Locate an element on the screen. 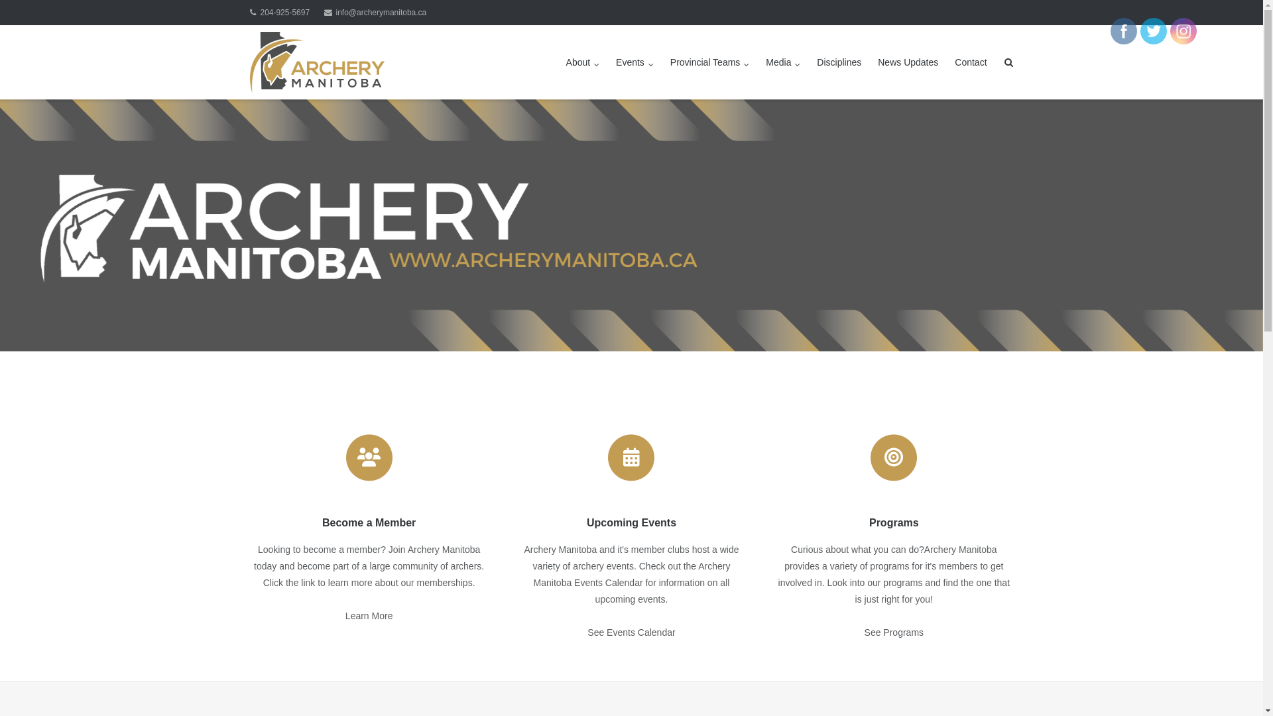 This screenshot has height=716, width=1273. 'See Events Calendar' is located at coordinates (587, 631).